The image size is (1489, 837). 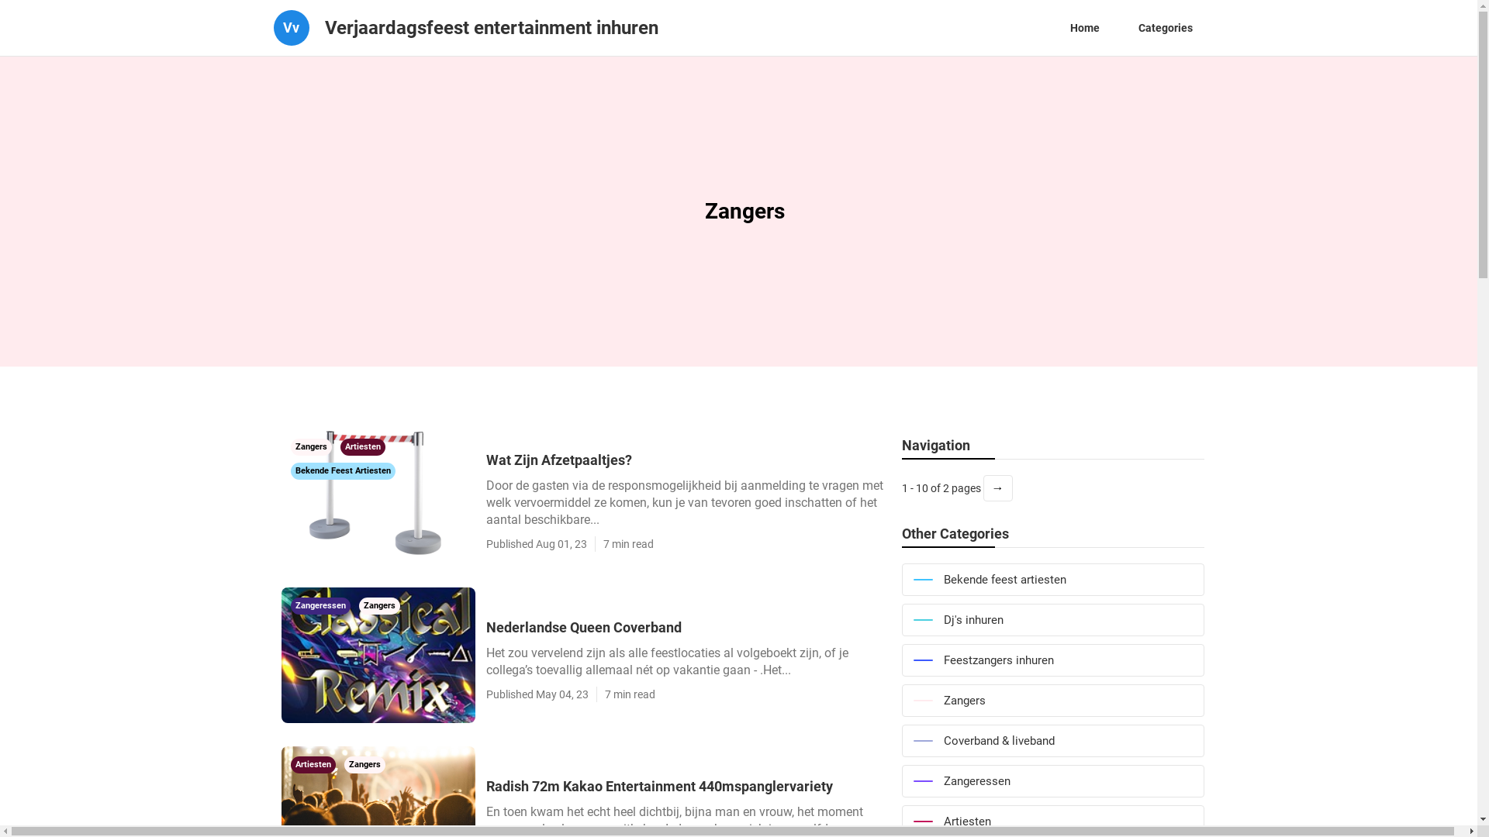 What do you see at coordinates (484, 628) in the screenshot?
I see `'Nederlandse Queen Coverband'` at bounding box center [484, 628].